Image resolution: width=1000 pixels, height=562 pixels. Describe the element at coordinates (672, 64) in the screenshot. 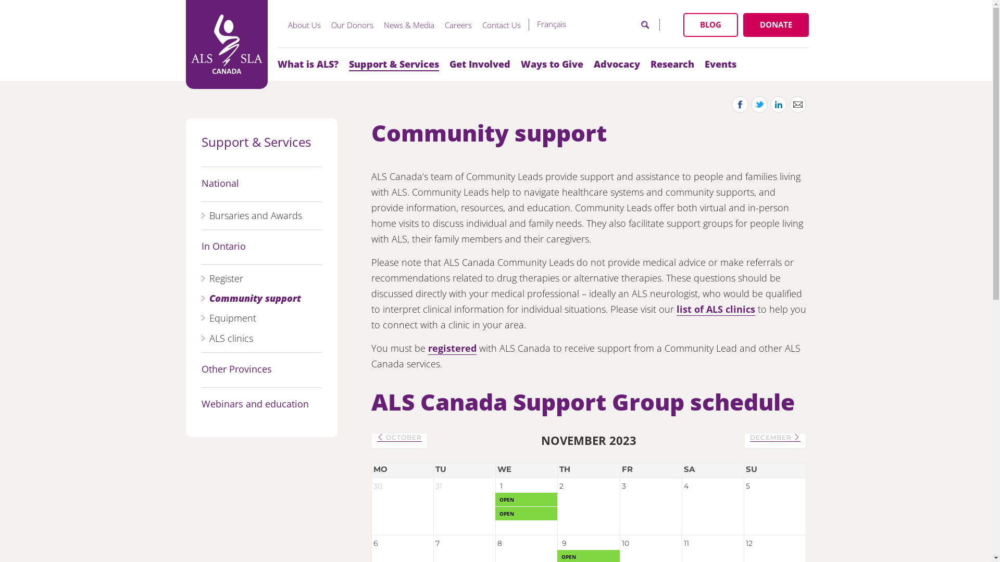

I see `'Research'` at that location.